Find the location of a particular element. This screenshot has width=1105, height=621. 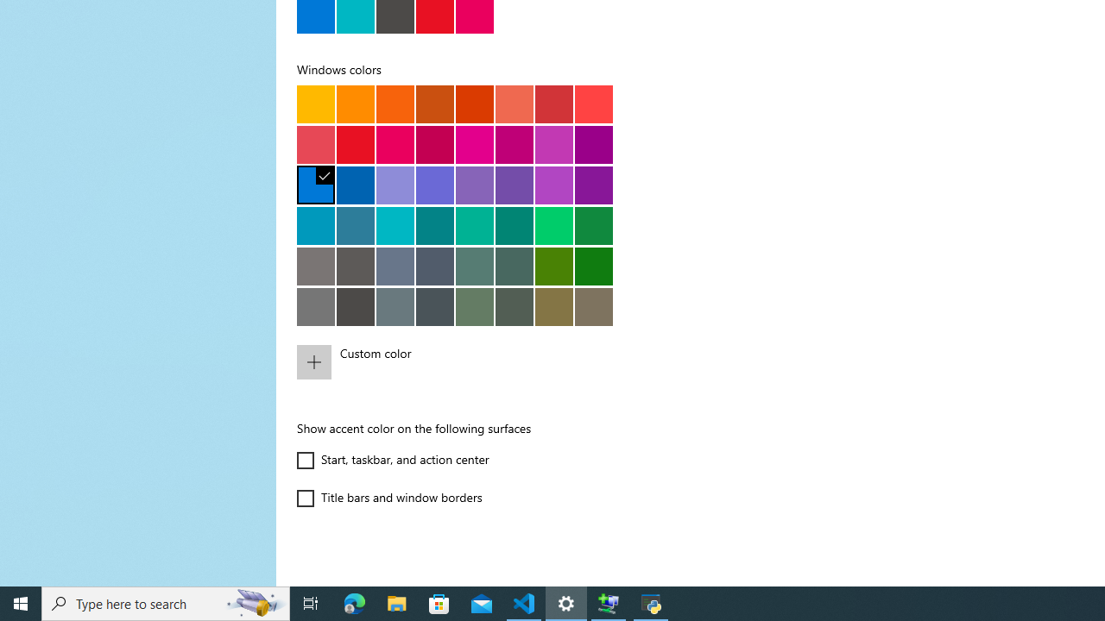

'Orange bright' is located at coordinates (395, 103).